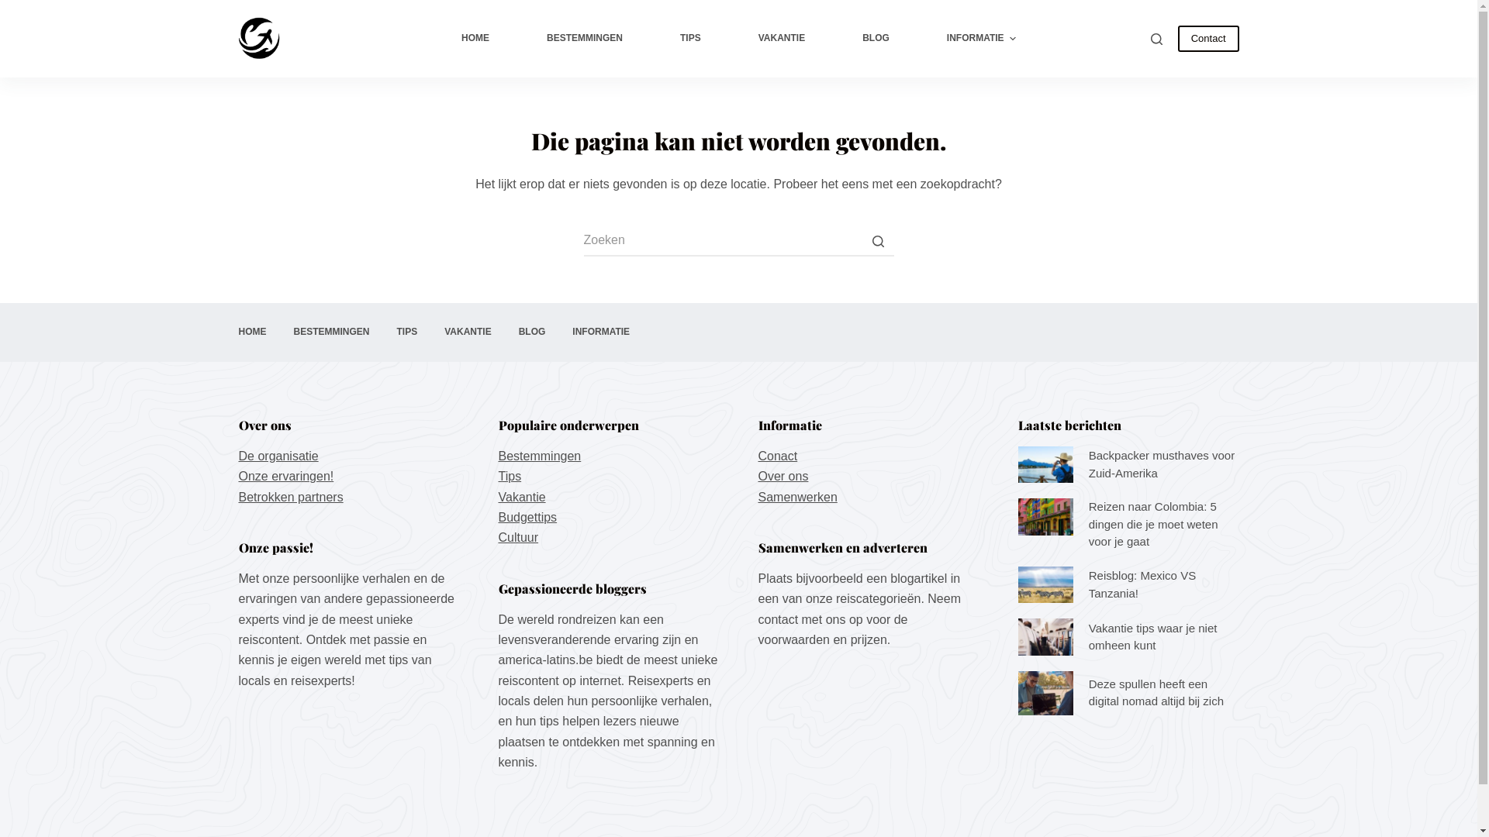 Image resolution: width=1489 pixels, height=837 pixels. Describe the element at coordinates (558, 331) in the screenshot. I see `'INFORMATIE'` at that location.